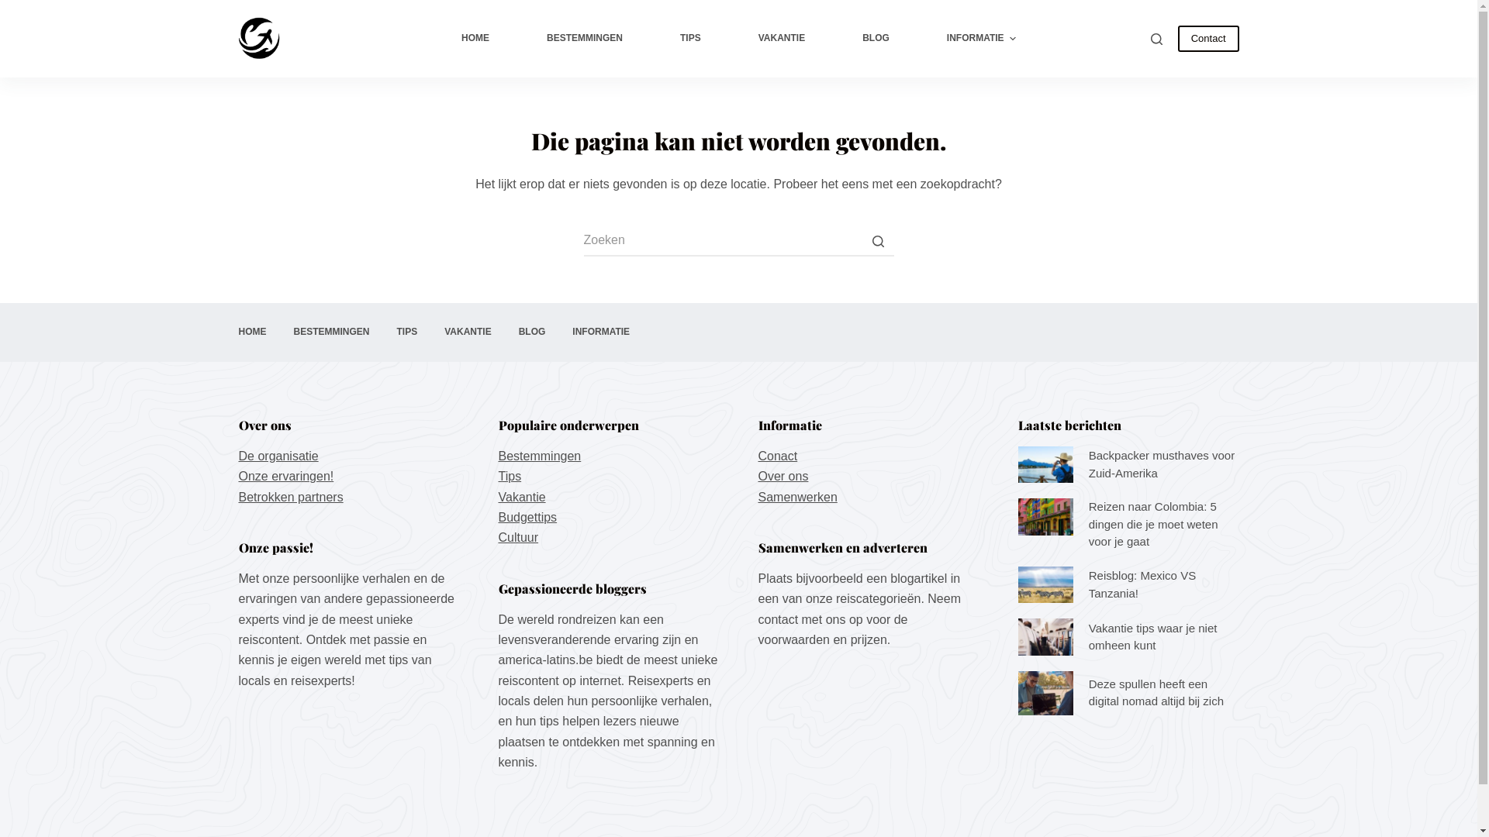 Image resolution: width=1489 pixels, height=837 pixels. Describe the element at coordinates (558, 331) in the screenshot. I see `'INFORMATIE'` at that location.